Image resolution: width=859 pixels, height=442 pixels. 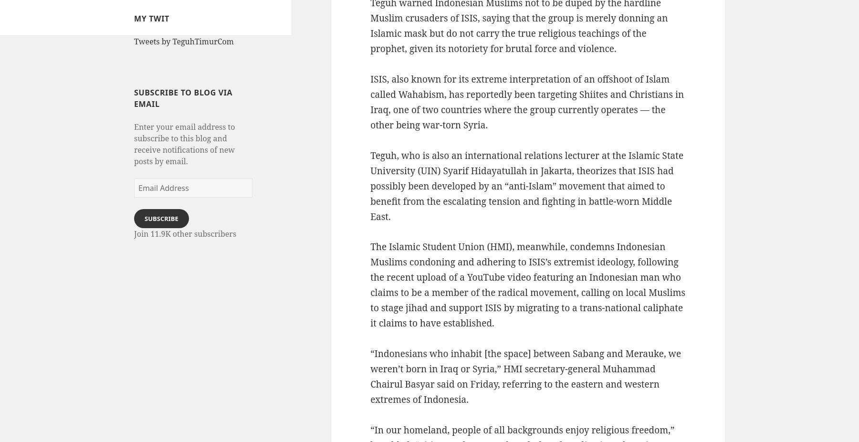 I want to click on 'Join 11.9K other subscribers', so click(x=185, y=233).